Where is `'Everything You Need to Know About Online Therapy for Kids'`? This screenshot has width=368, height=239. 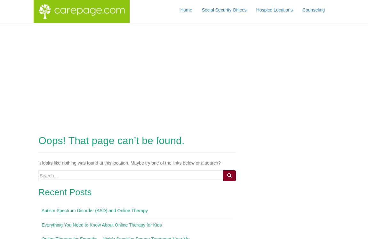 'Everything You Need to Know About Online Therapy for Kids' is located at coordinates (101, 224).